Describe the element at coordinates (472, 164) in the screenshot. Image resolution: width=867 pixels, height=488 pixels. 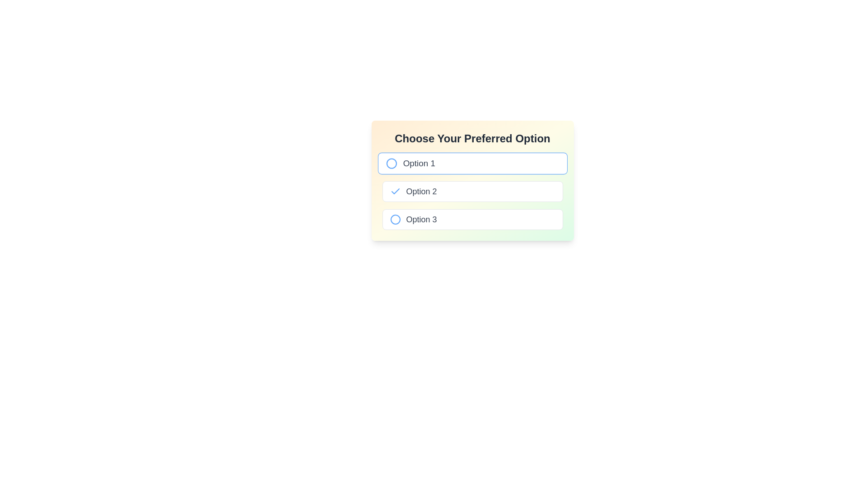
I see `the circular radio button for 'Option 1'` at that location.